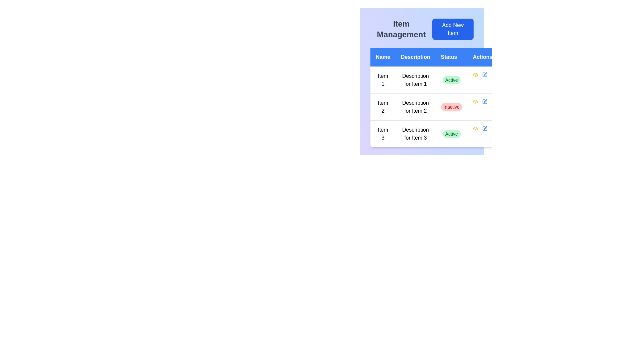 This screenshot has height=359, width=639. Describe the element at coordinates (451, 134) in the screenshot. I see `the Status indicator badge for 'Item 3' in the Status column of the table` at that location.